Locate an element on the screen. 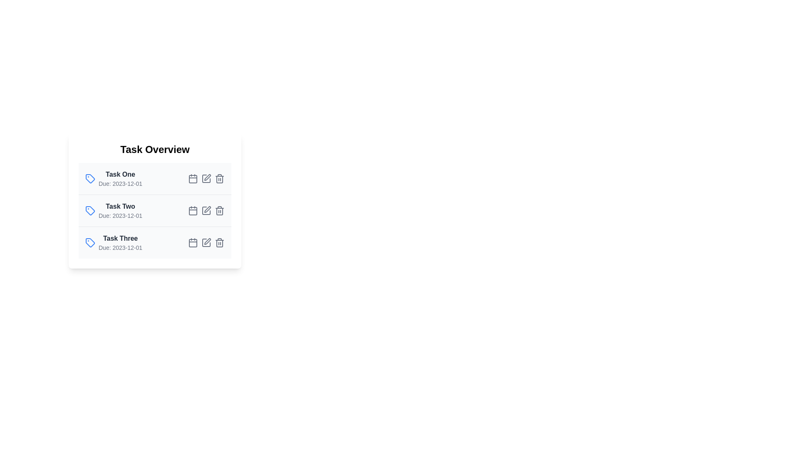 The image size is (799, 449). the static text label displaying the due date for 'Task Two', which is located directly below the task title and provides date information in 'YYYY-MM-DD' format is located at coordinates (120, 215).